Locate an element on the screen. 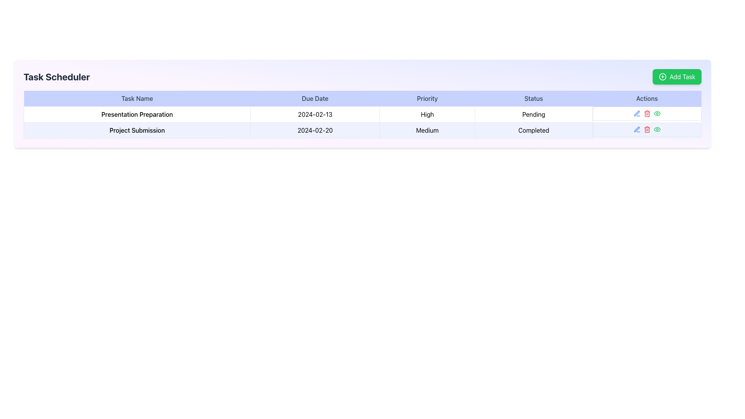  the Table Header Cell labeled 'Priority' with a blue background and centered black text, which is the third column header in the table is located at coordinates (427, 98).